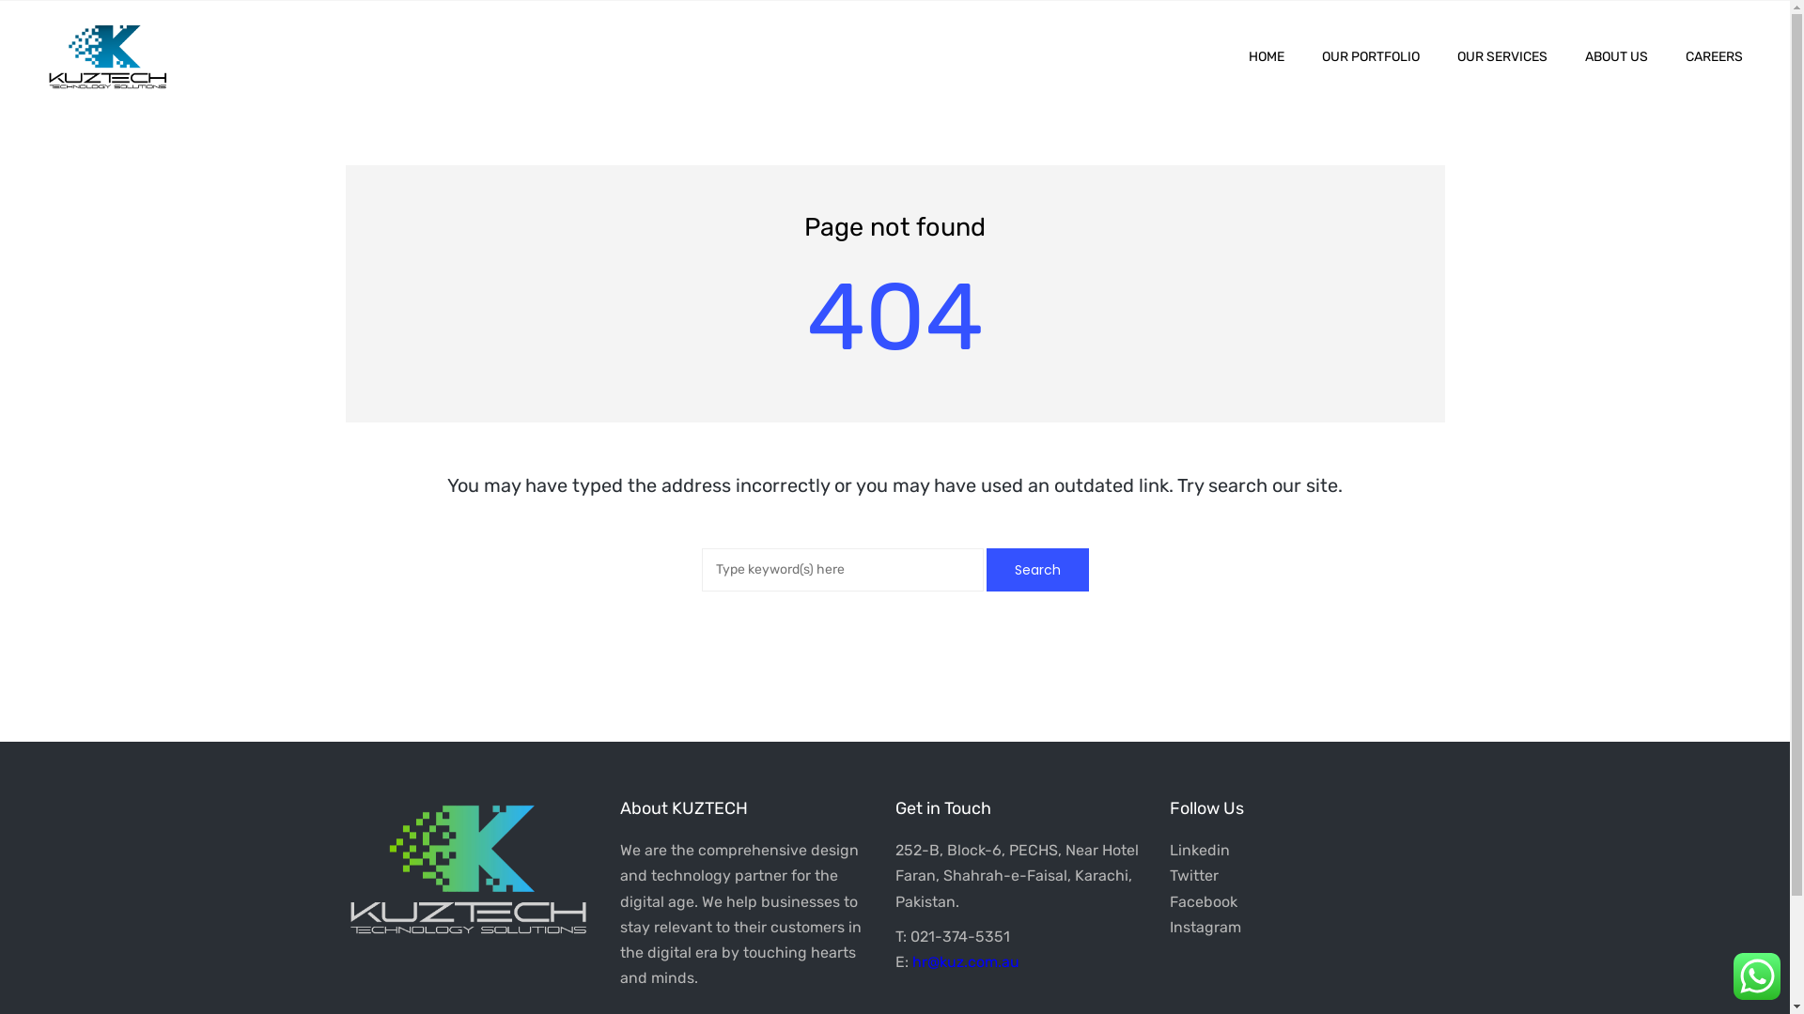 This screenshot has width=1804, height=1014. I want to click on 'Linkedin', so click(1198, 850).